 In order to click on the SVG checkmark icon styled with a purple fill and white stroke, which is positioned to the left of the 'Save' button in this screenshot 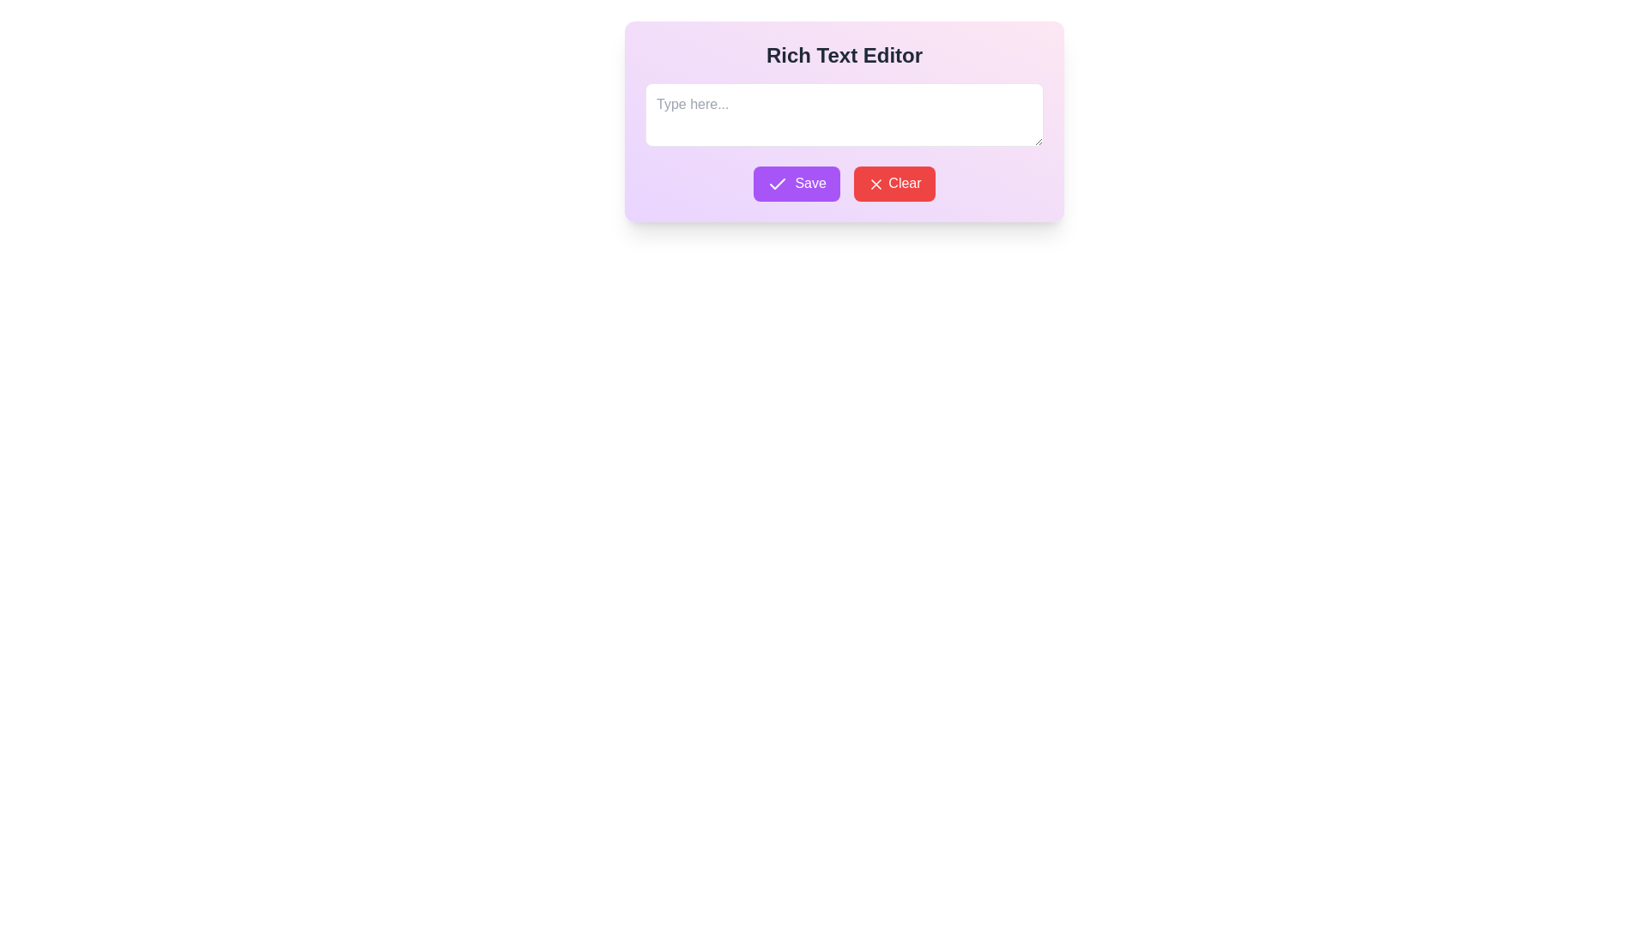, I will do `click(777, 184)`.